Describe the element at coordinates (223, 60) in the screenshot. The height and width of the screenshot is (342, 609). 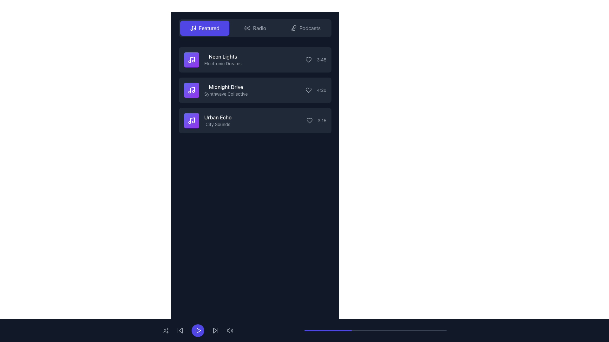
I see `the title and subtitle text display of the first song item in the list, located below the 'Featured' tab and to the right of the music note icon` at that location.